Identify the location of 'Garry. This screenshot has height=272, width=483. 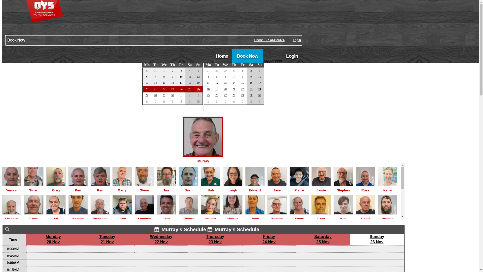
(112, 188).